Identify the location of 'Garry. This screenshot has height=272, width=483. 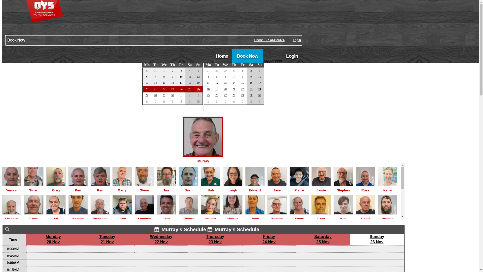
(112, 188).